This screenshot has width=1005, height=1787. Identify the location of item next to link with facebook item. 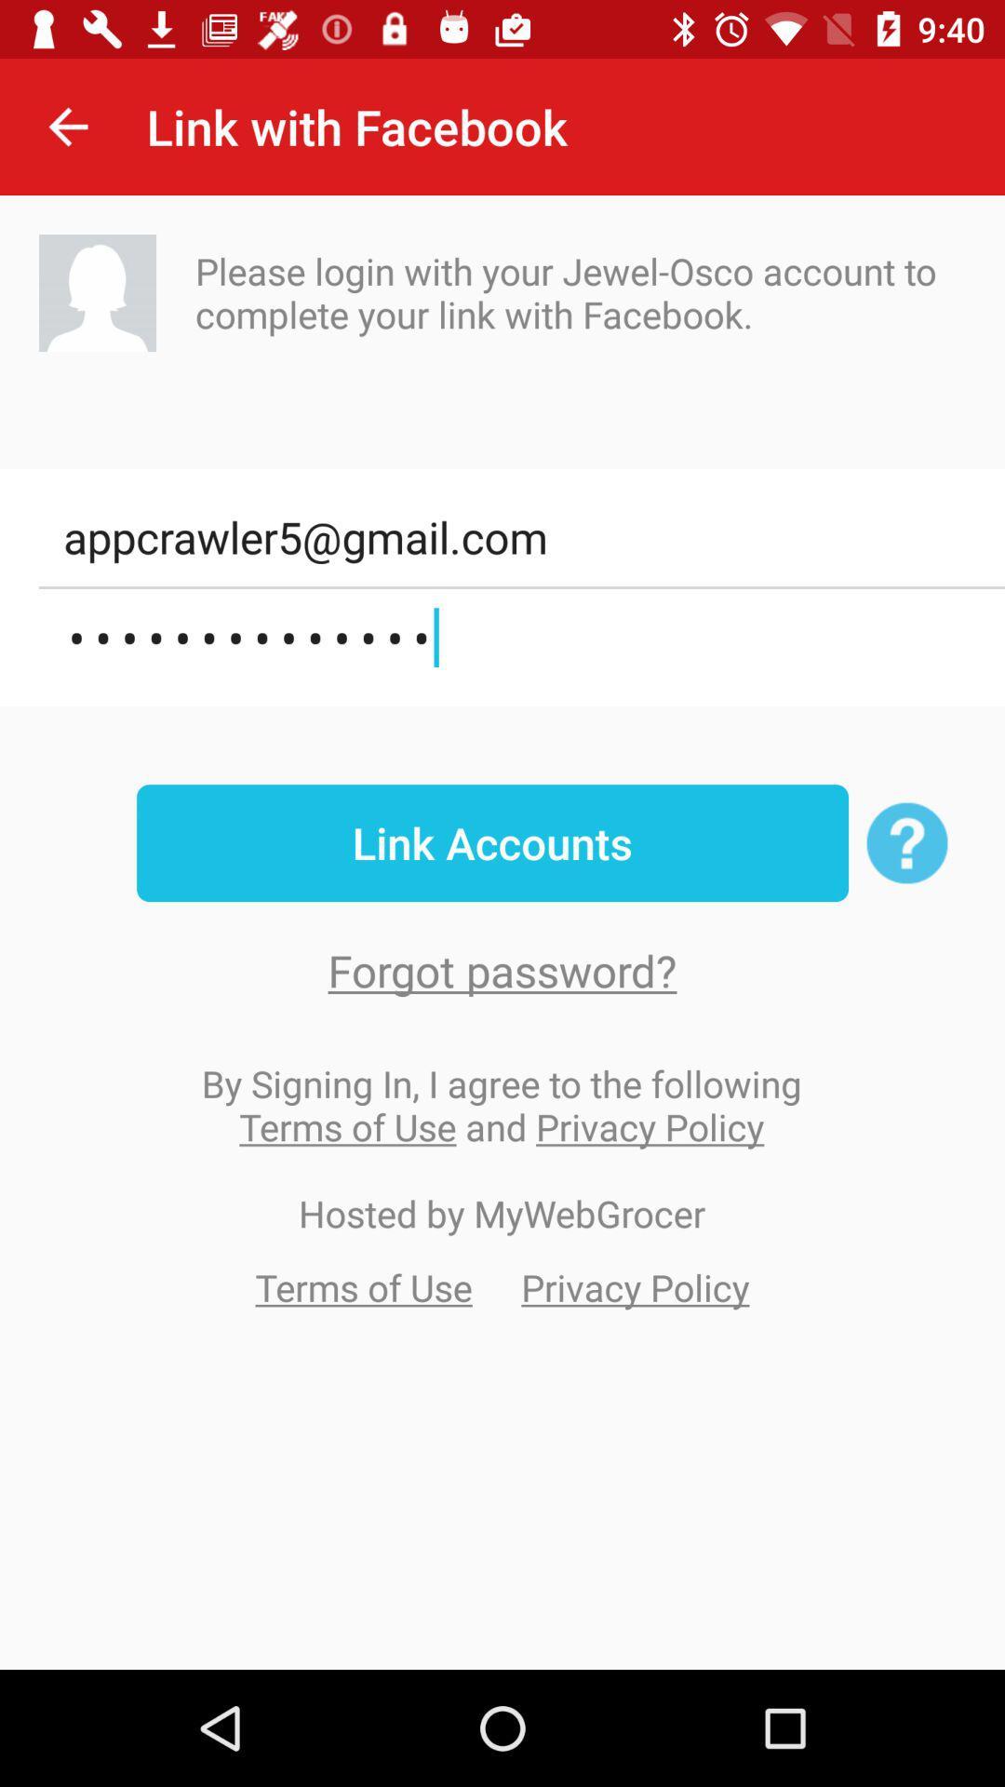
(67, 126).